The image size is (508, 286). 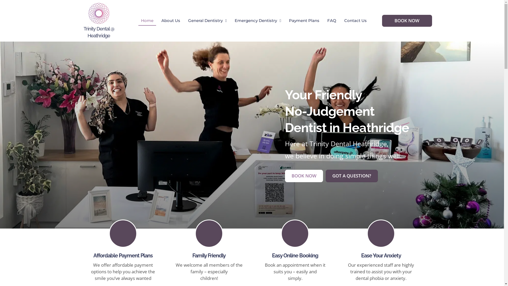 What do you see at coordinates (158, 20) in the screenshot?
I see `'About Us'` at bounding box center [158, 20].